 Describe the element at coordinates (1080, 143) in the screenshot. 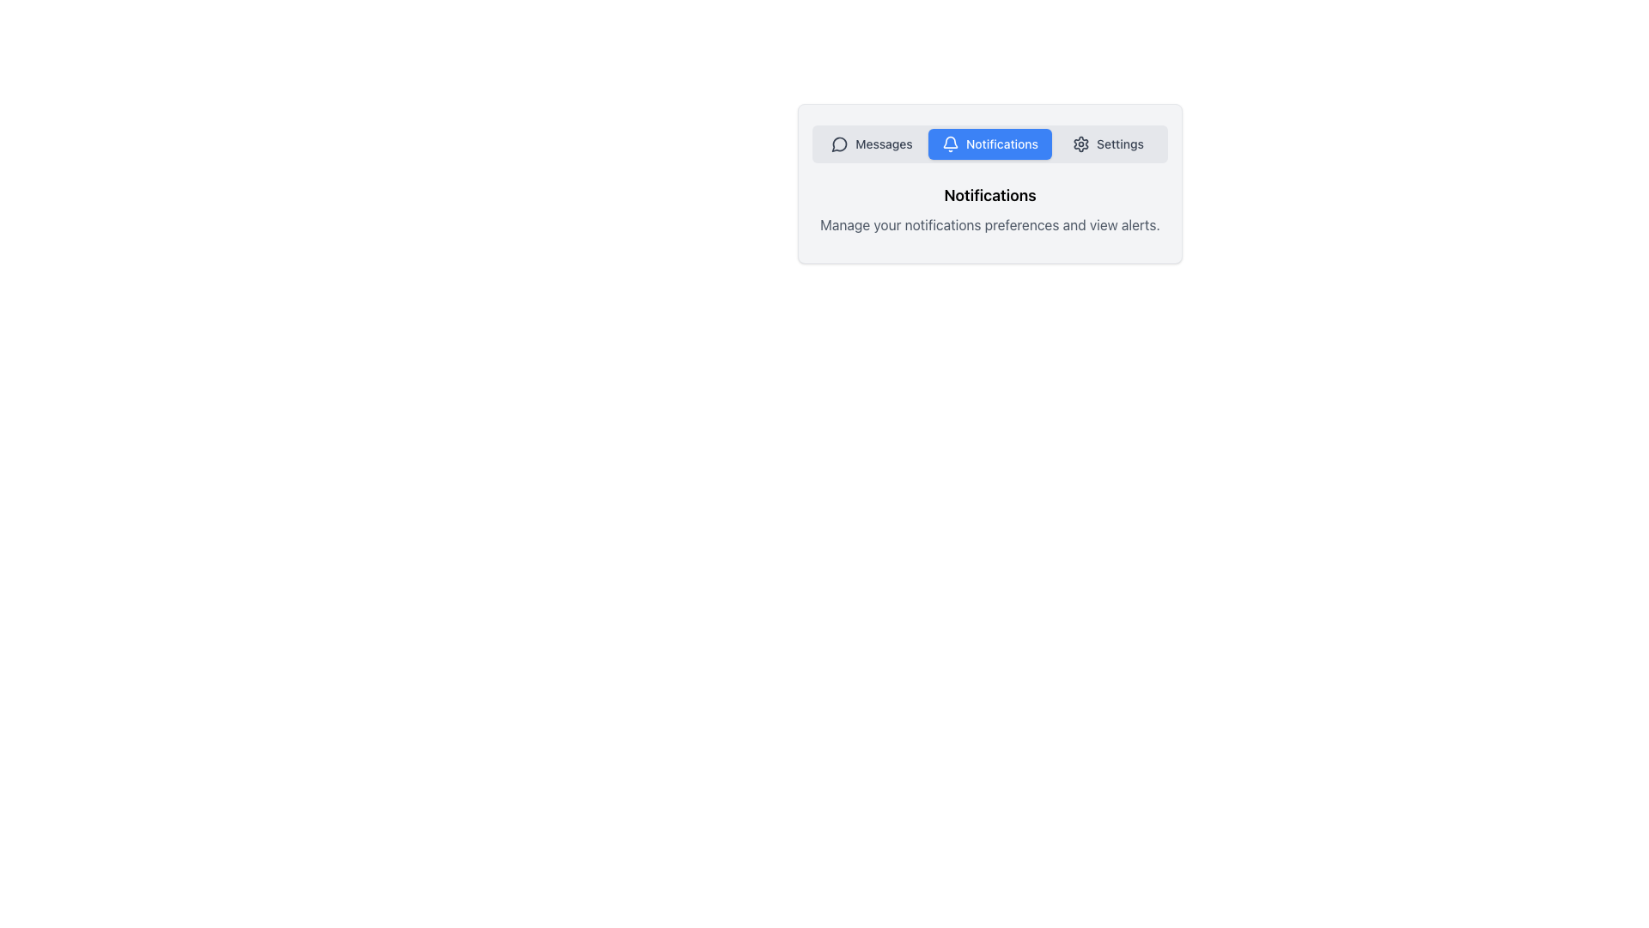

I see `the 'Settings' icon located on the rightmost position of the horizontal menu bar at the top of the interface` at that location.